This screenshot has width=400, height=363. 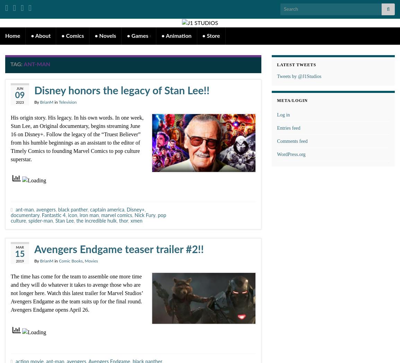 What do you see at coordinates (19, 254) in the screenshot?
I see `'15'` at bounding box center [19, 254].